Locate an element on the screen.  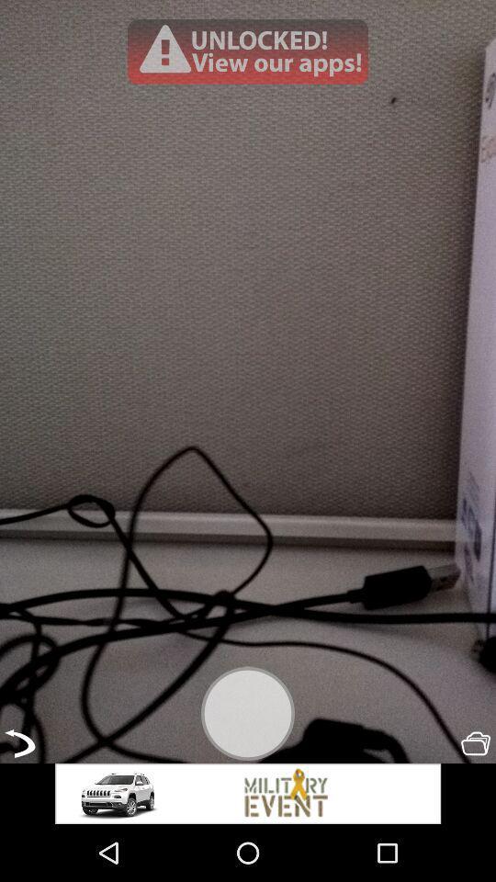
view apps is located at coordinates (248, 51).